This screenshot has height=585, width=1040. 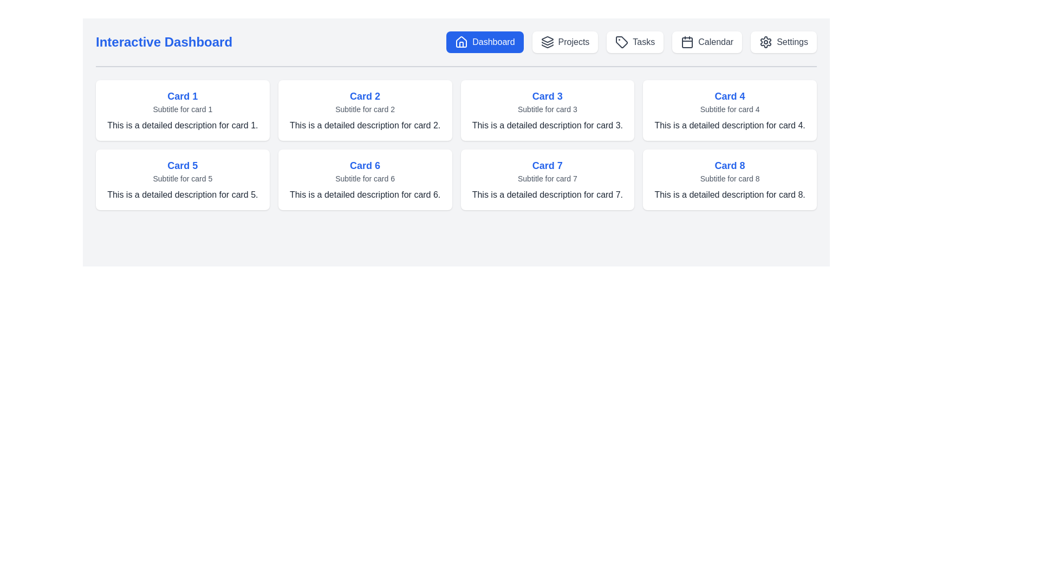 What do you see at coordinates (564, 41) in the screenshot?
I see `the 'Projects' navigation button located in the second position of the horizontal menu bar at the top of the interface to trigger its hover state` at bounding box center [564, 41].